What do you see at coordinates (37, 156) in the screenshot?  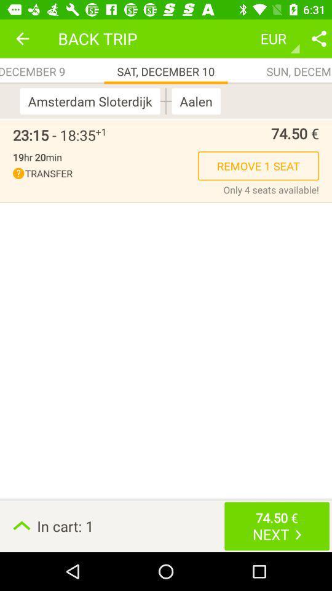 I see `the icon above the transfer` at bounding box center [37, 156].